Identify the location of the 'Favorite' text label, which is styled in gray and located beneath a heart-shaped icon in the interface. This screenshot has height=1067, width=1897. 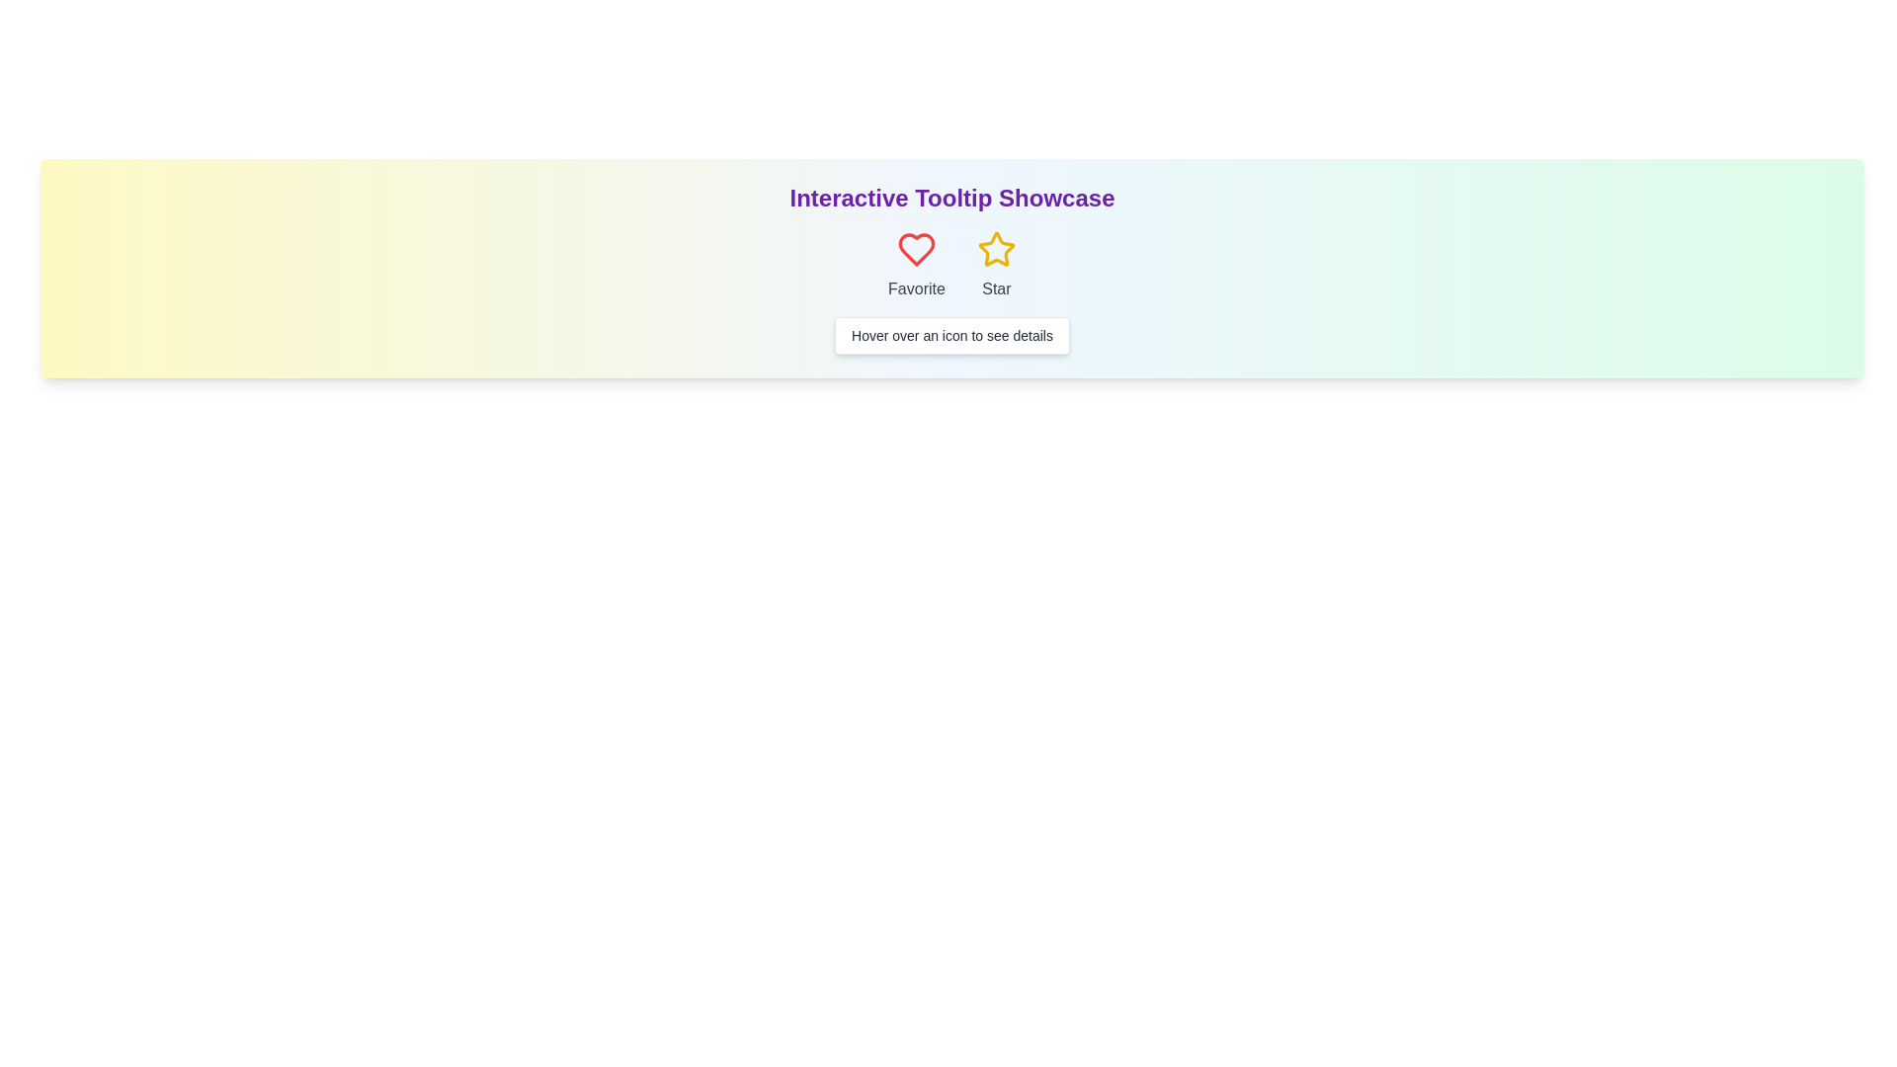
(915, 289).